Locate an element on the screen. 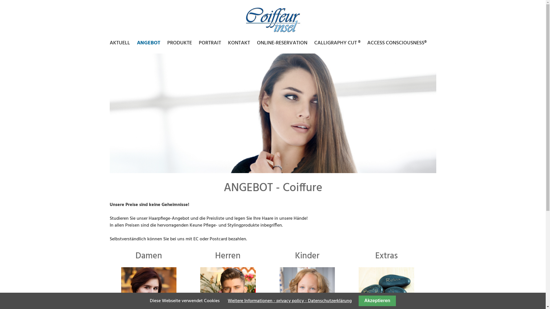  'KONTAKT' is located at coordinates (239, 43).